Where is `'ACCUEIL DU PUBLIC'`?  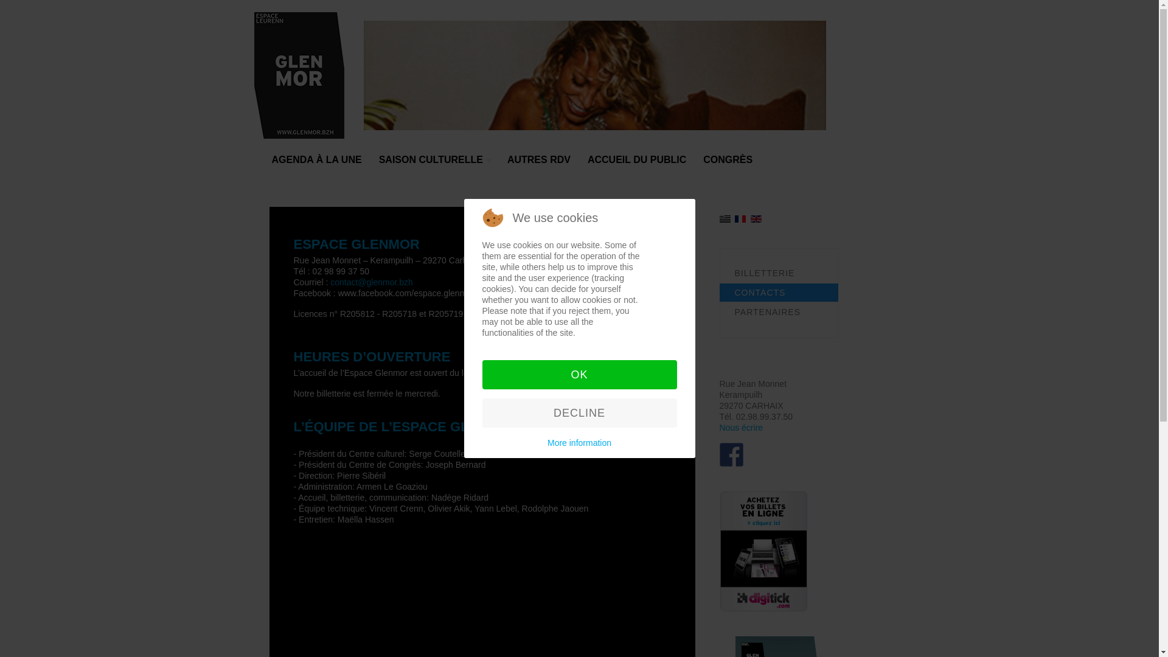 'ACCUEIL DU PUBLIC' is located at coordinates (587, 164).